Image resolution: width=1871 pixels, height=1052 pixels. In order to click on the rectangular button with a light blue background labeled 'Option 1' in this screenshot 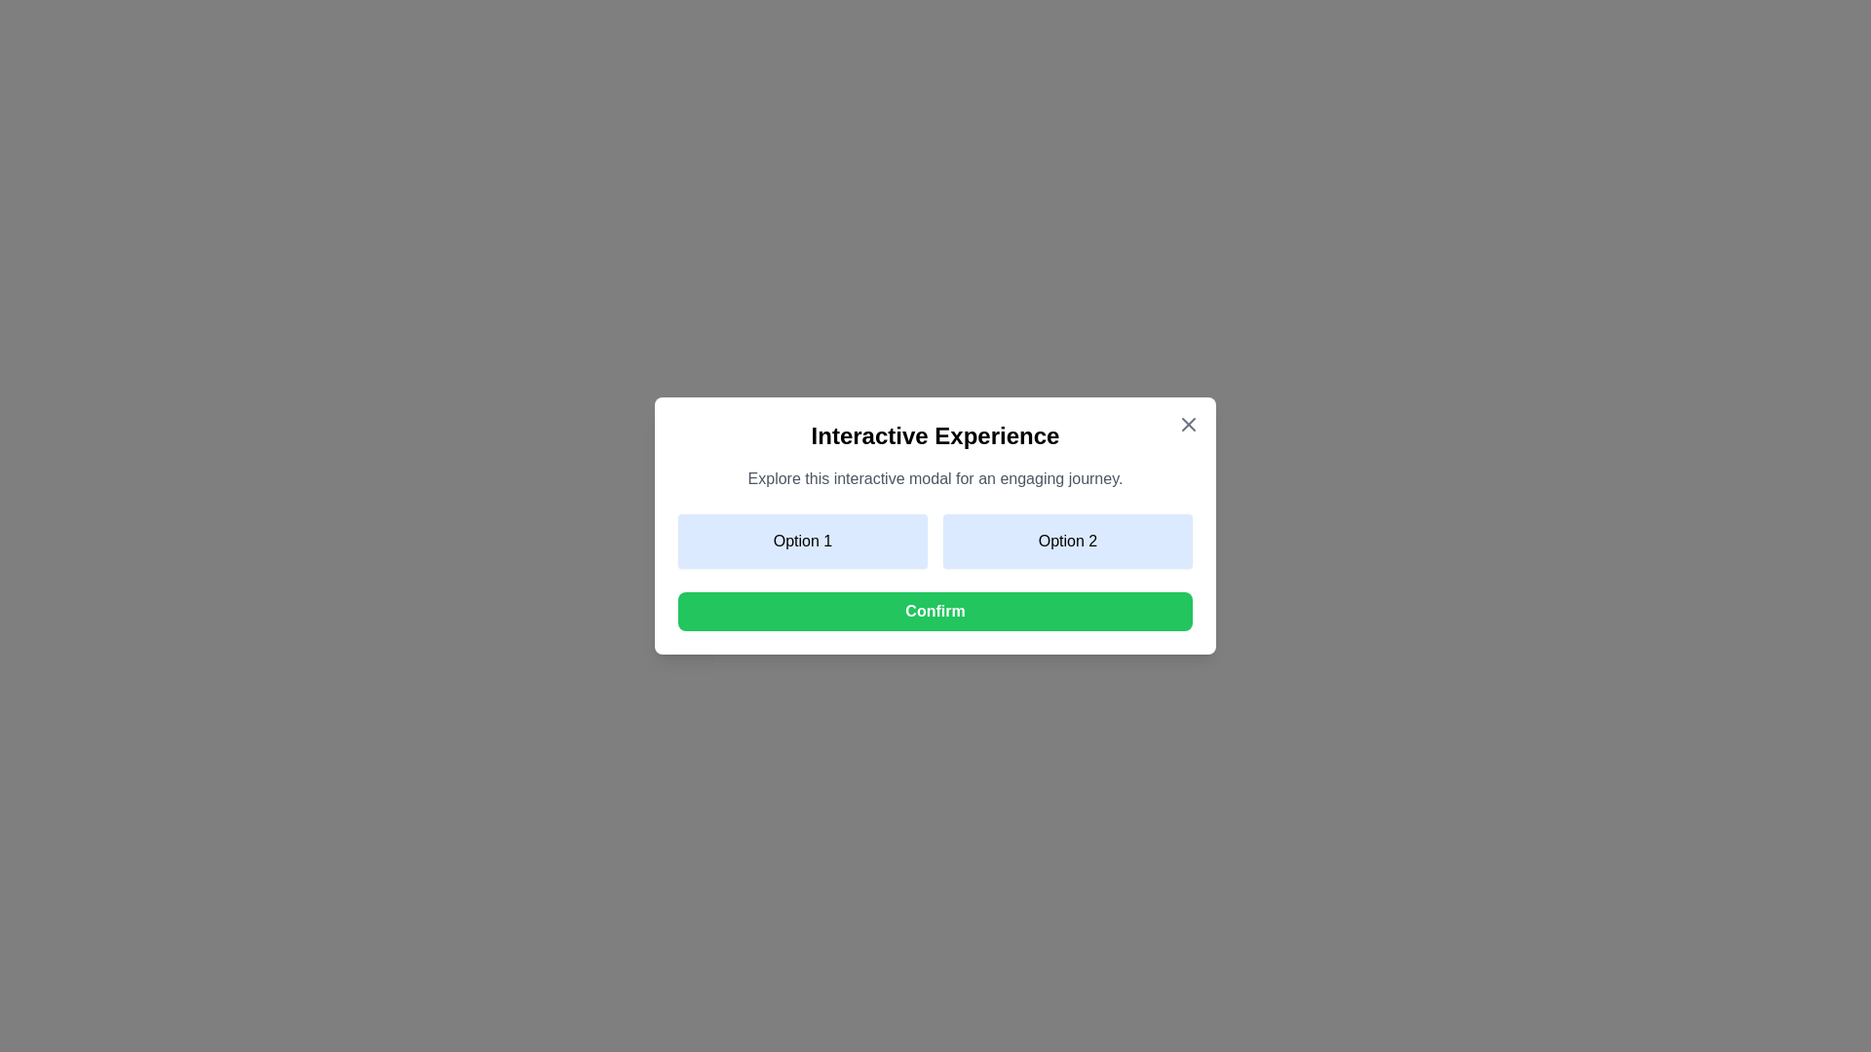, I will do `click(803, 541)`.